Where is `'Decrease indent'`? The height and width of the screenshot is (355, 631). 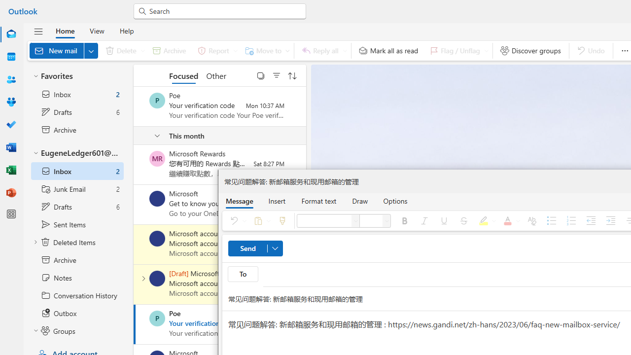
'Decrease indent' is located at coordinates (591, 220).